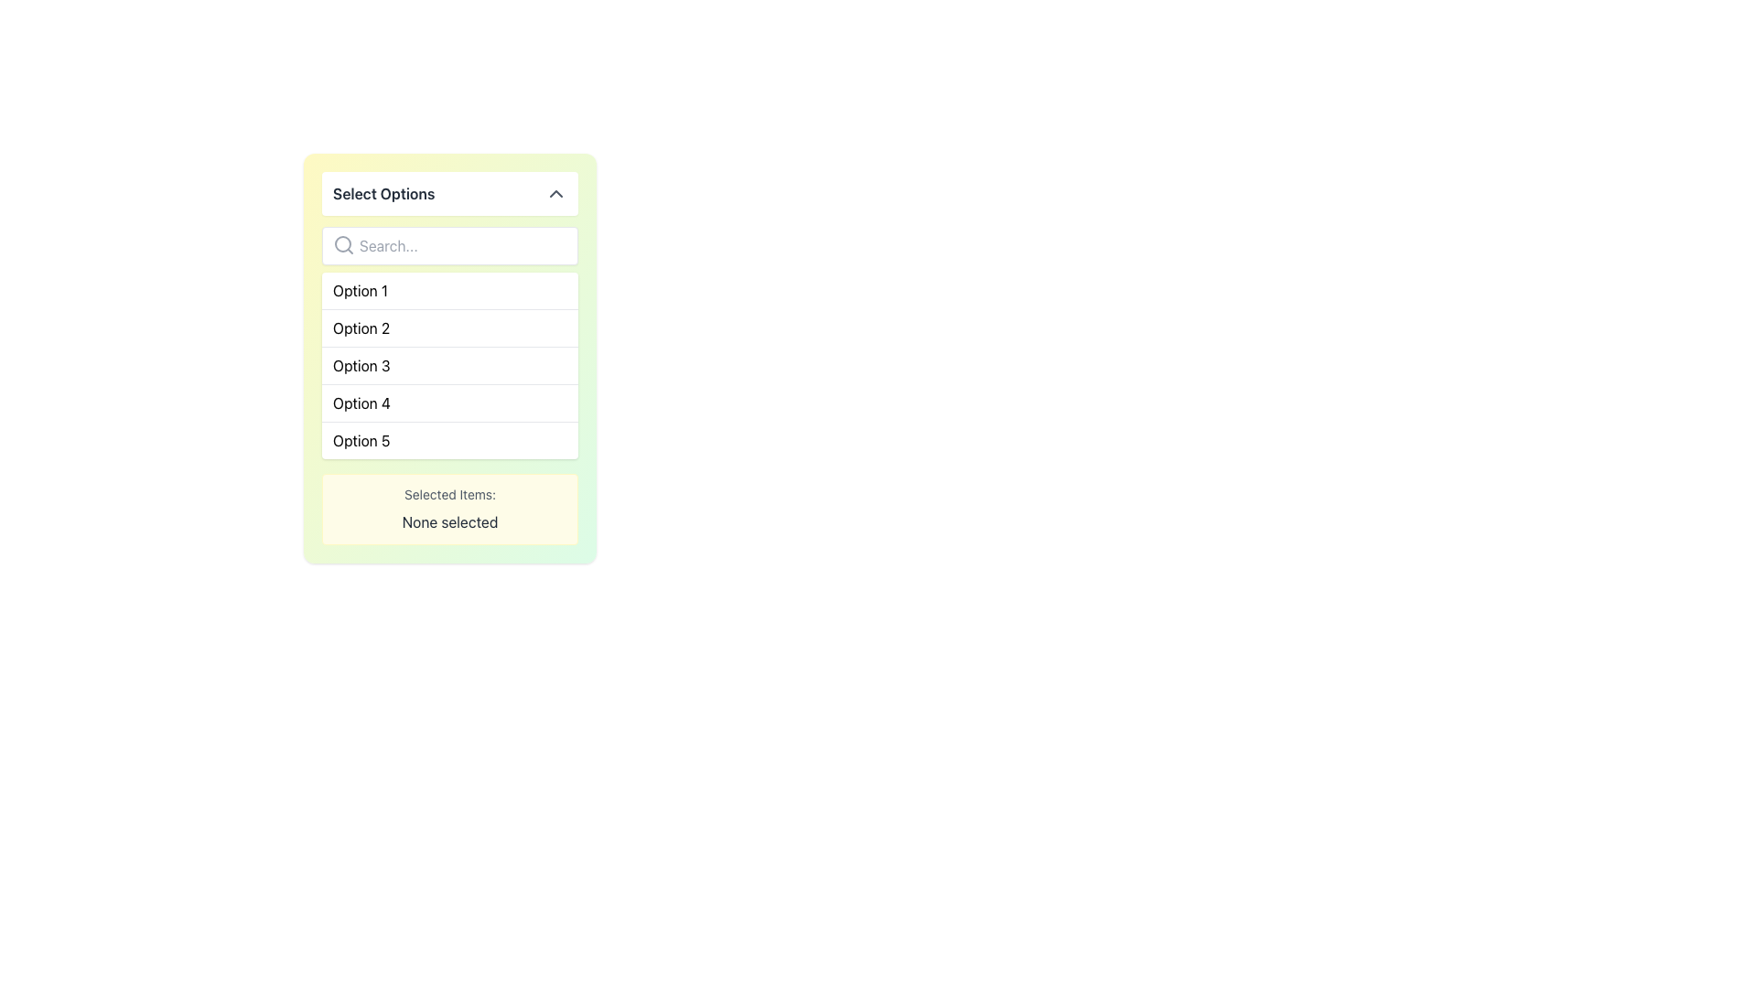  Describe the element at coordinates (449, 440) in the screenshot. I see `the fifth selectable option in the dropdown menu titled 'Select Options'` at that location.